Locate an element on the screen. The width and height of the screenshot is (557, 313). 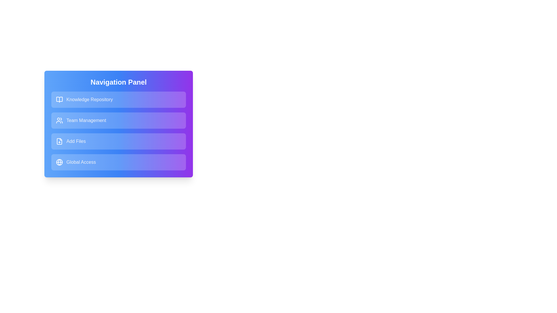
the navigation item labeled 'Team Management' is located at coordinates (118, 120).